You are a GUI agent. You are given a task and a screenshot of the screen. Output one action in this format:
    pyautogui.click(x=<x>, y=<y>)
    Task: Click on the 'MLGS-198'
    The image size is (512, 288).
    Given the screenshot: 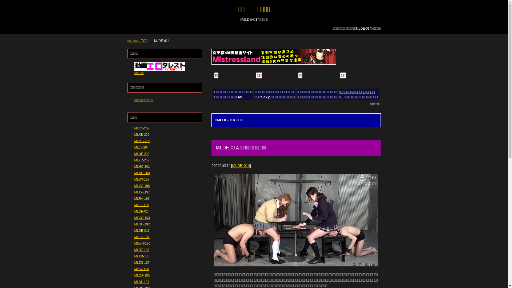 What is the action you would take?
    pyautogui.click(x=142, y=186)
    